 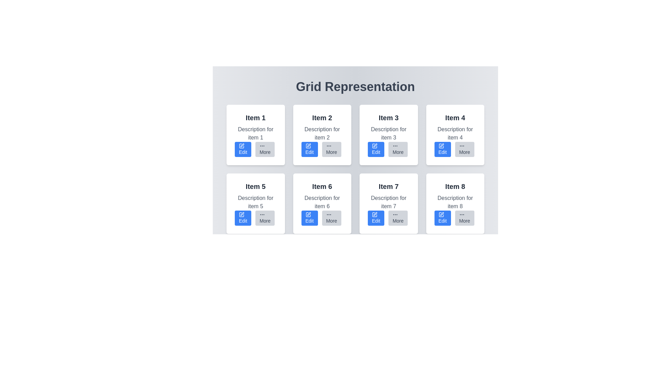 What do you see at coordinates (388, 117) in the screenshot?
I see `the text display that shows 'Item 3' in a bold and larger grayish-black font, located in the header section of the third card in the first row of the grid layout` at bounding box center [388, 117].